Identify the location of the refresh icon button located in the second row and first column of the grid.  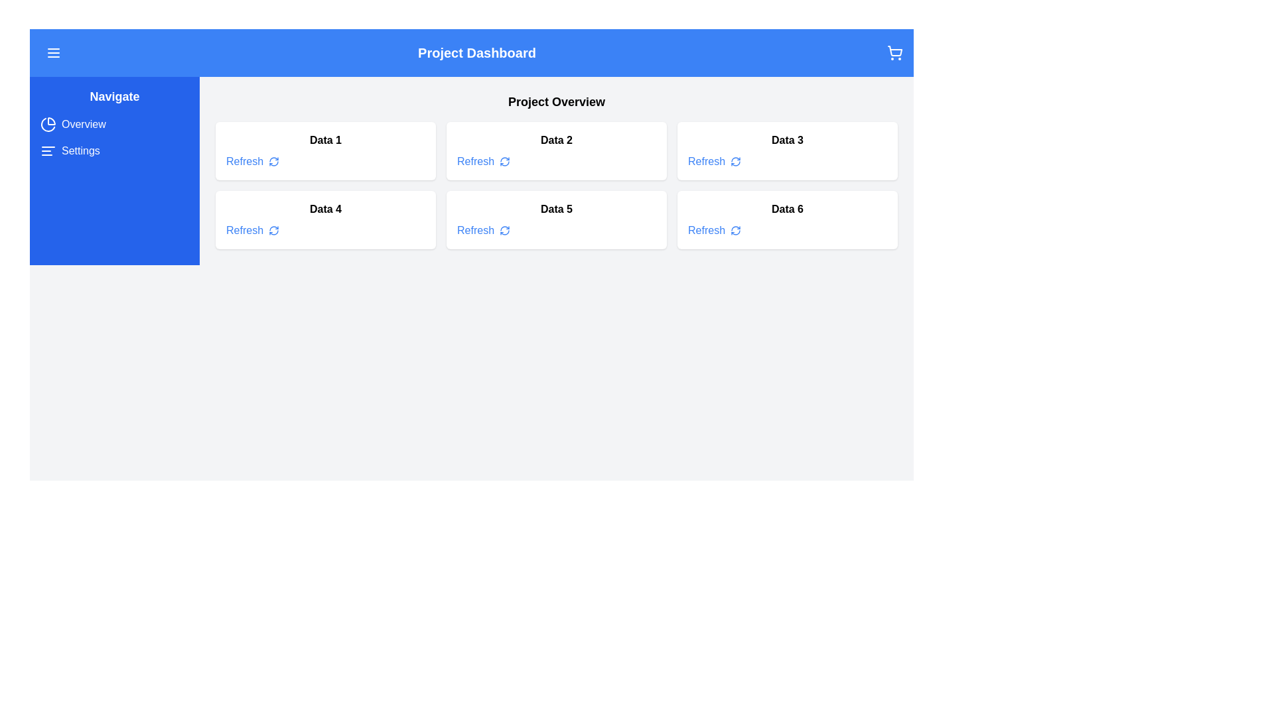
(273, 229).